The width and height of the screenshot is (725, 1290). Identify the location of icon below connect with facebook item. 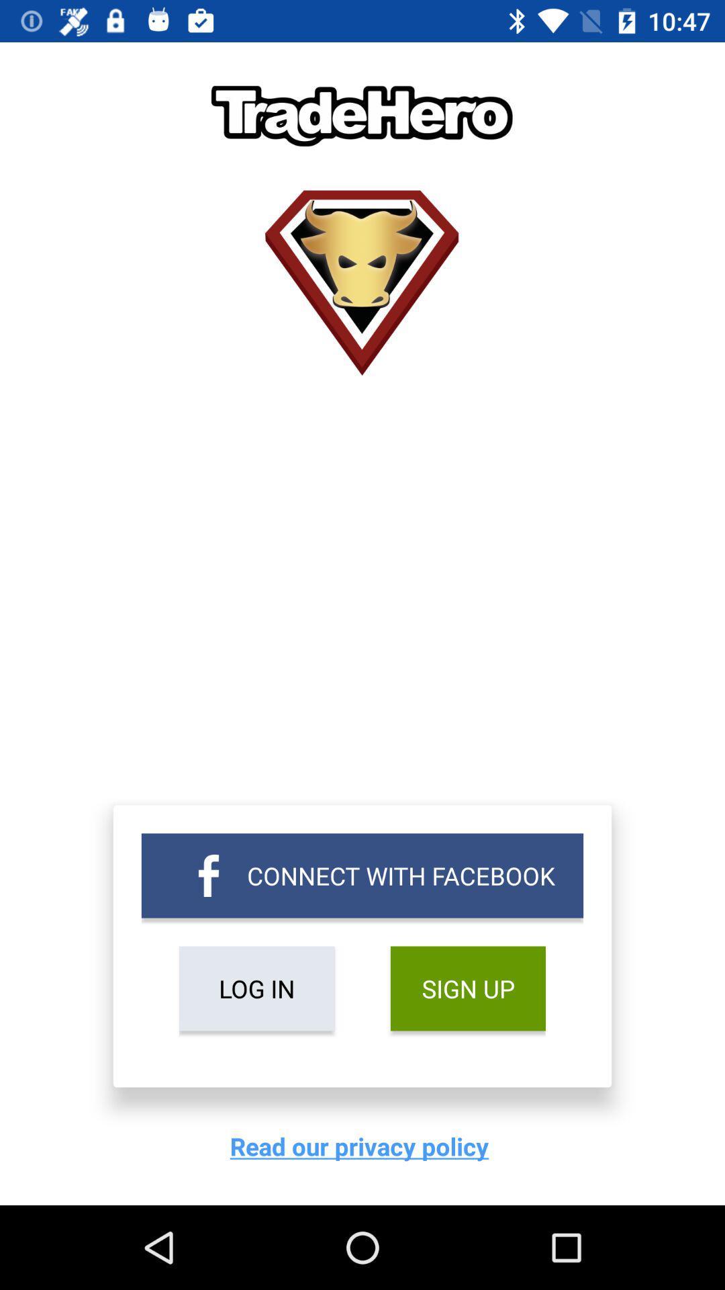
(256, 988).